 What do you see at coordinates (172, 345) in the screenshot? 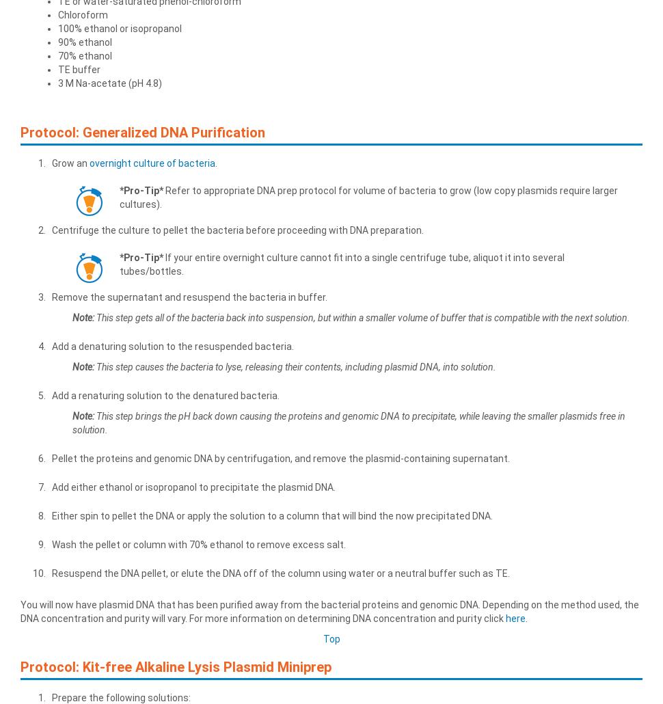
I see `'Add a denaturing solution to the resuspended bacteria.'` at bounding box center [172, 345].